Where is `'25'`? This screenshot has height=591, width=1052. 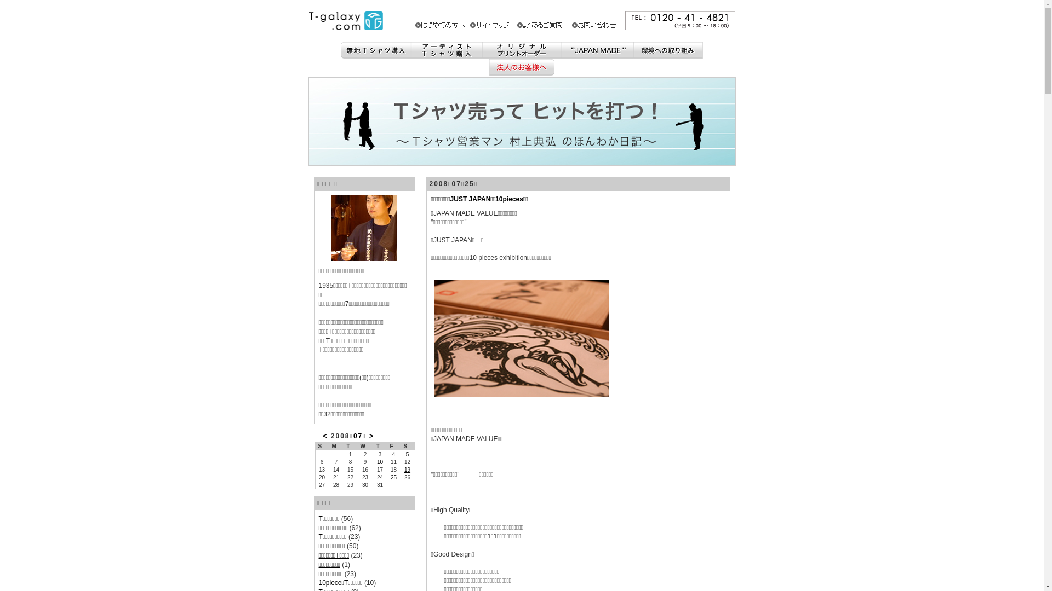
'25' is located at coordinates (393, 477).